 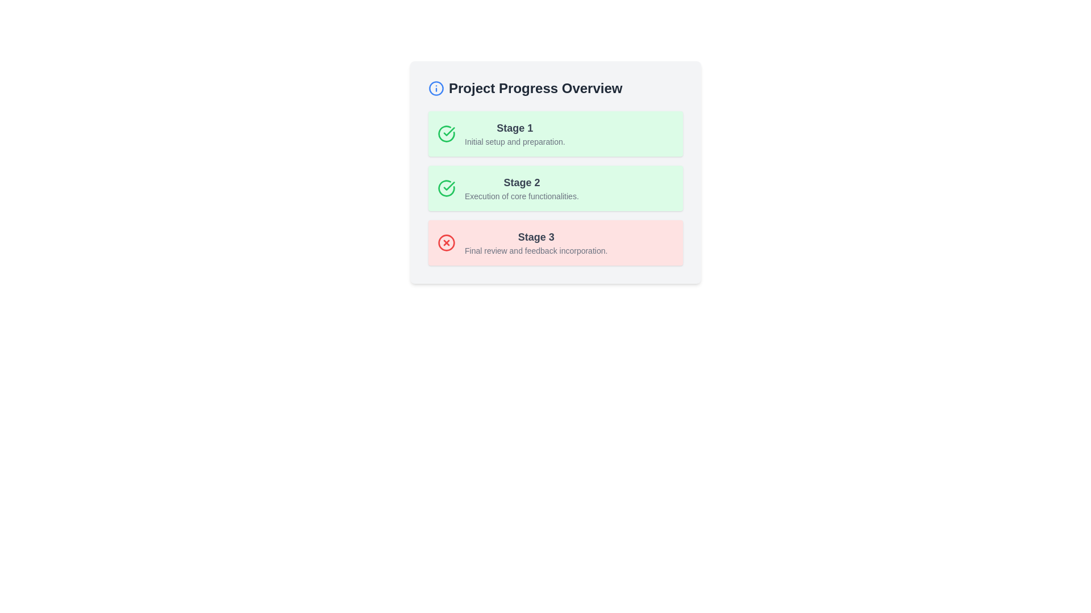 What do you see at coordinates (514, 133) in the screenshot?
I see `the text block titled 'Stage 1' with subtitle 'Initial setup and preparation'` at bounding box center [514, 133].